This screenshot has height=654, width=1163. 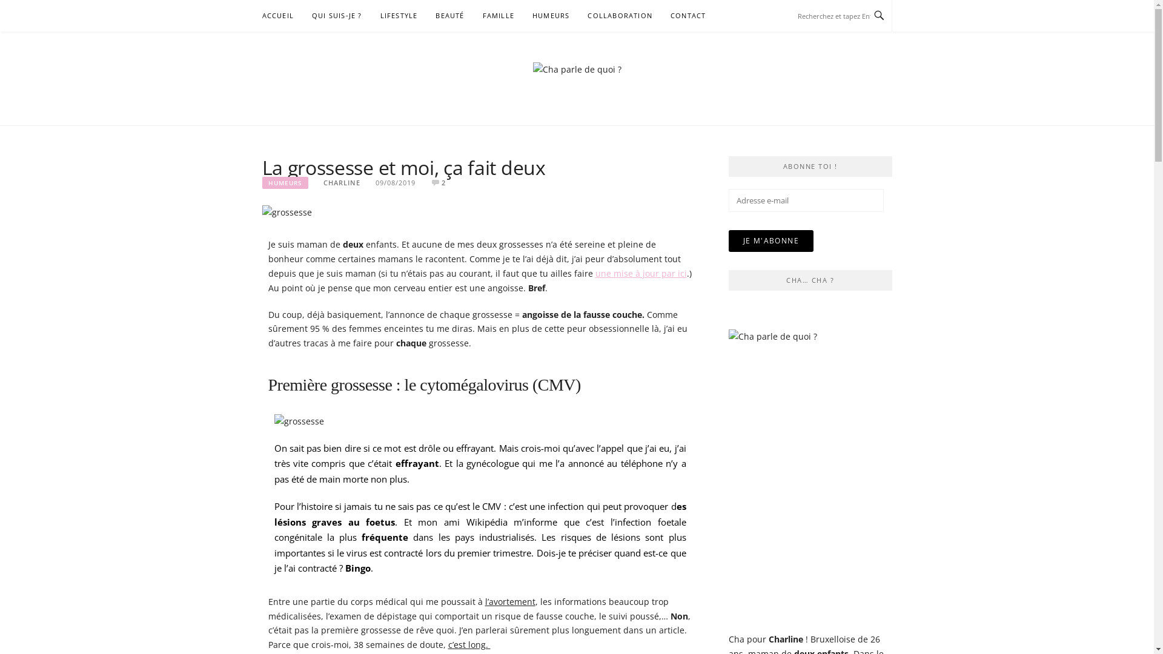 What do you see at coordinates (688, 16) in the screenshot?
I see `'CONTACT'` at bounding box center [688, 16].